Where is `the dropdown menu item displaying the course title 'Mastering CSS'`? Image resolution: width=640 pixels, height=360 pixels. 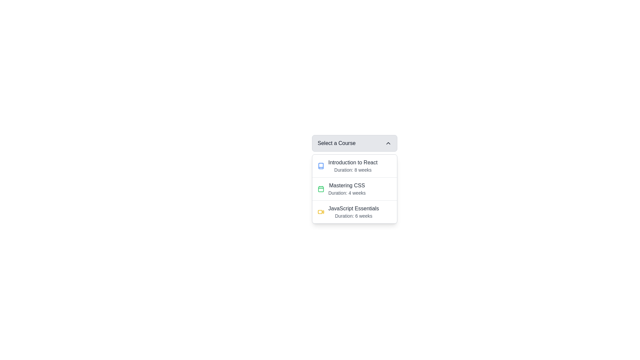 the dropdown menu item displaying the course title 'Mastering CSS' is located at coordinates (354, 189).